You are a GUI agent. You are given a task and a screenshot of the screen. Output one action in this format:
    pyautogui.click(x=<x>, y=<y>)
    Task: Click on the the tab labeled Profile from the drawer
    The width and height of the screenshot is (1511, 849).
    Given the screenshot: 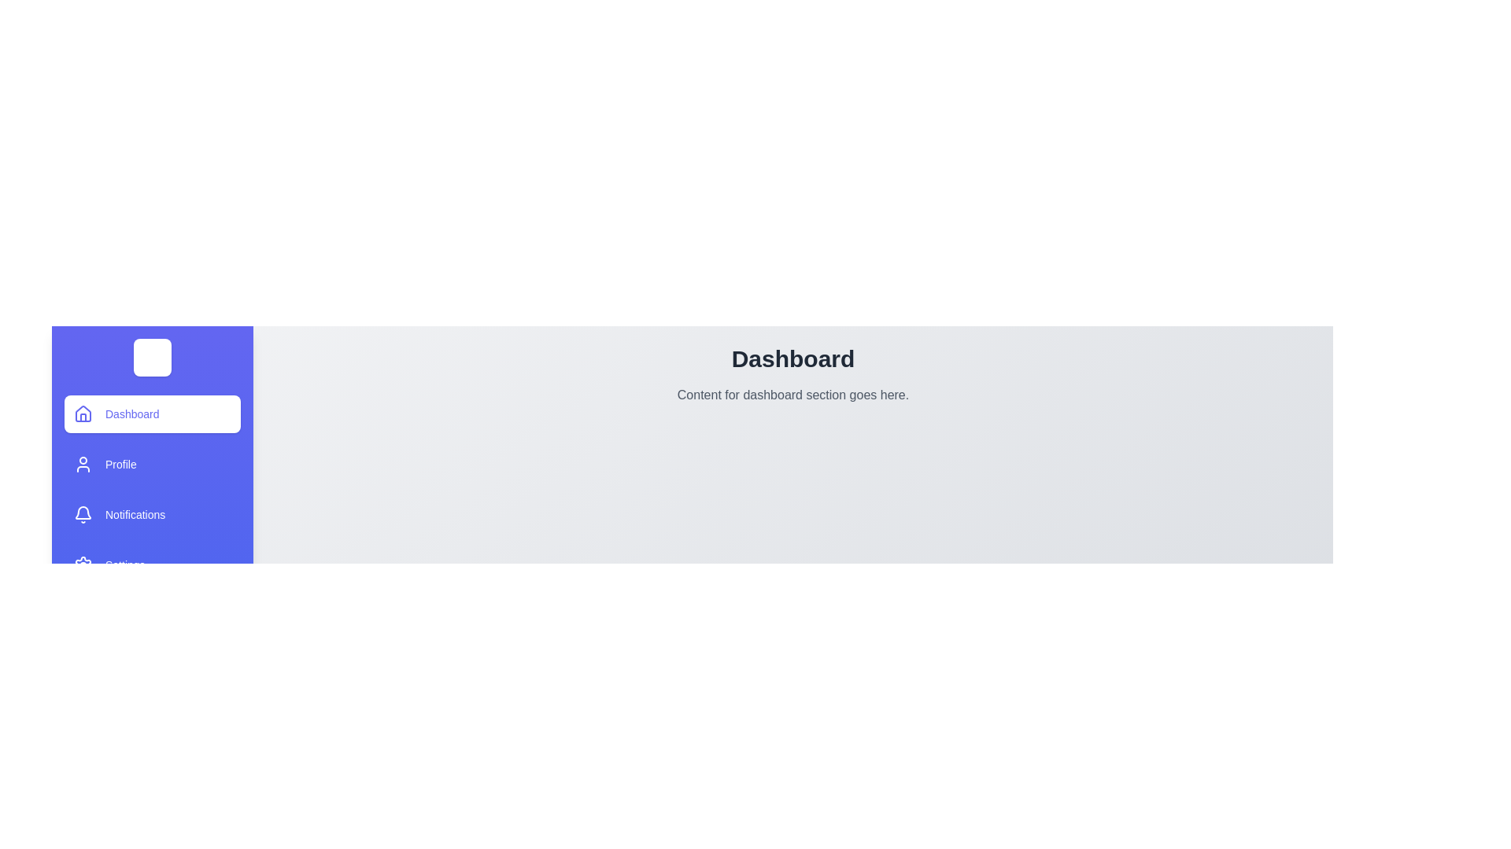 What is the action you would take?
    pyautogui.click(x=152, y=463)
    